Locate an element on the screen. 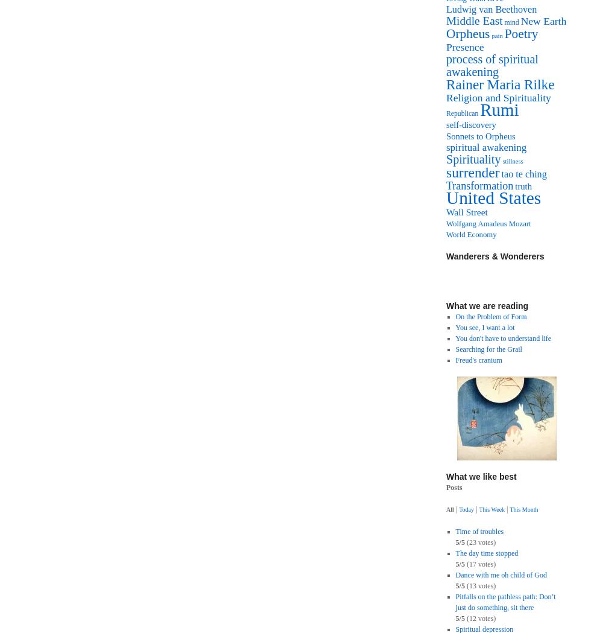 The image size is (591, 633). 'New Earth' is located at coordinates (543, 21).